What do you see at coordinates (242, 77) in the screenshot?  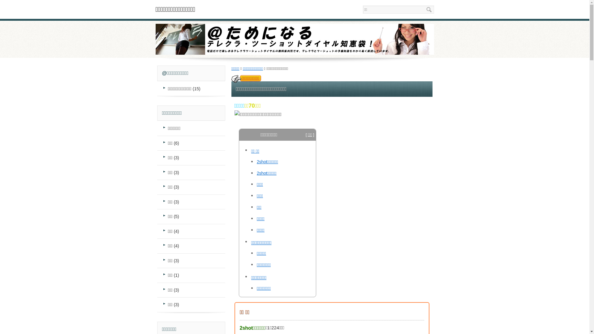 I see `'../denwabangou-select'` at bounding box center [242, 77].